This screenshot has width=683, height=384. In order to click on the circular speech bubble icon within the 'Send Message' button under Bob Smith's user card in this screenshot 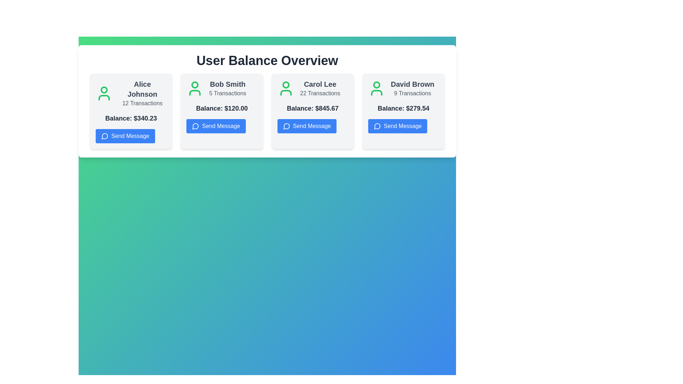, I will do `click(196, 126)`.